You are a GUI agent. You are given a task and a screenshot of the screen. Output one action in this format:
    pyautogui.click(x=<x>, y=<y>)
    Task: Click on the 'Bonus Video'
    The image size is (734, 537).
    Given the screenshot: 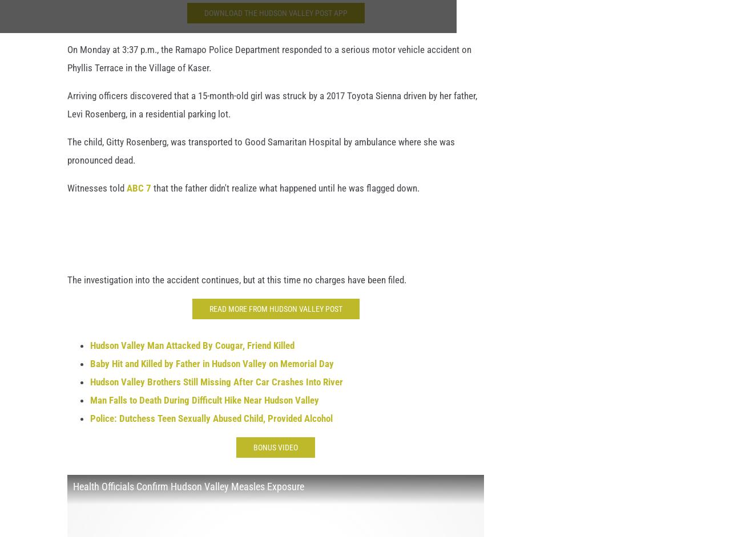 What is the action you would take?
    pyautogui.click(x=253, y=453)
    